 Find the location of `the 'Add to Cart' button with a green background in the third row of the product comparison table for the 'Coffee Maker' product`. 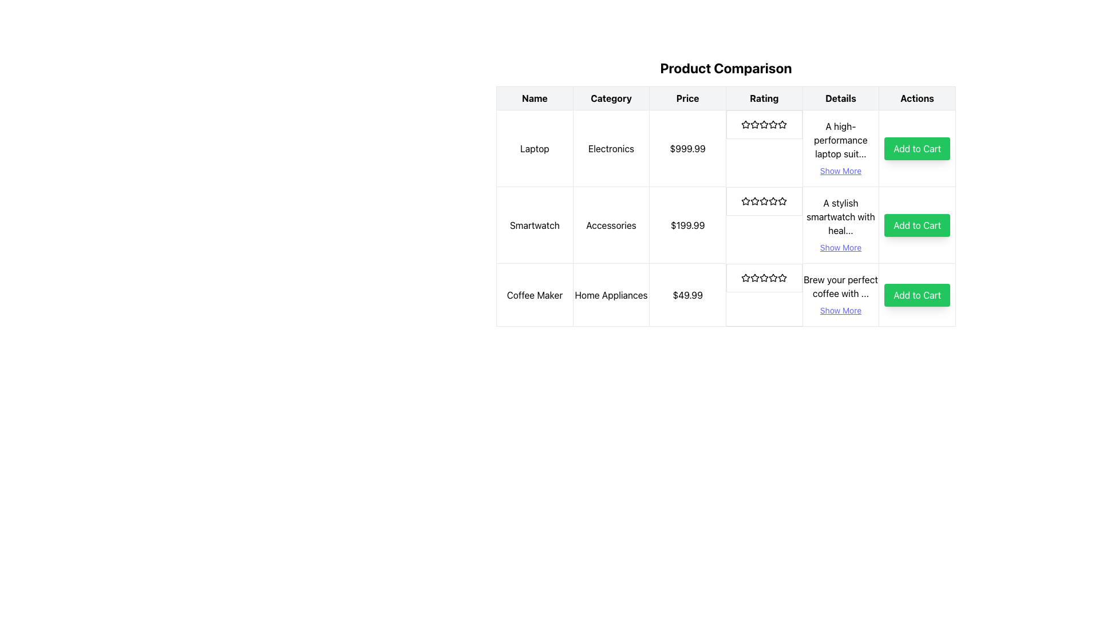

the 'Add to Cart' button with a green background in the third row of the product comparison table for the 'Coffee Maker' product is located at coordinates (917, 294).